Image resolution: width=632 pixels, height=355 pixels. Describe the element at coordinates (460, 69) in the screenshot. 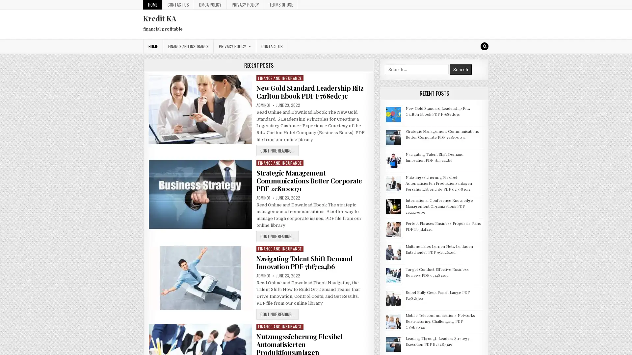

I see `Search` at that location.